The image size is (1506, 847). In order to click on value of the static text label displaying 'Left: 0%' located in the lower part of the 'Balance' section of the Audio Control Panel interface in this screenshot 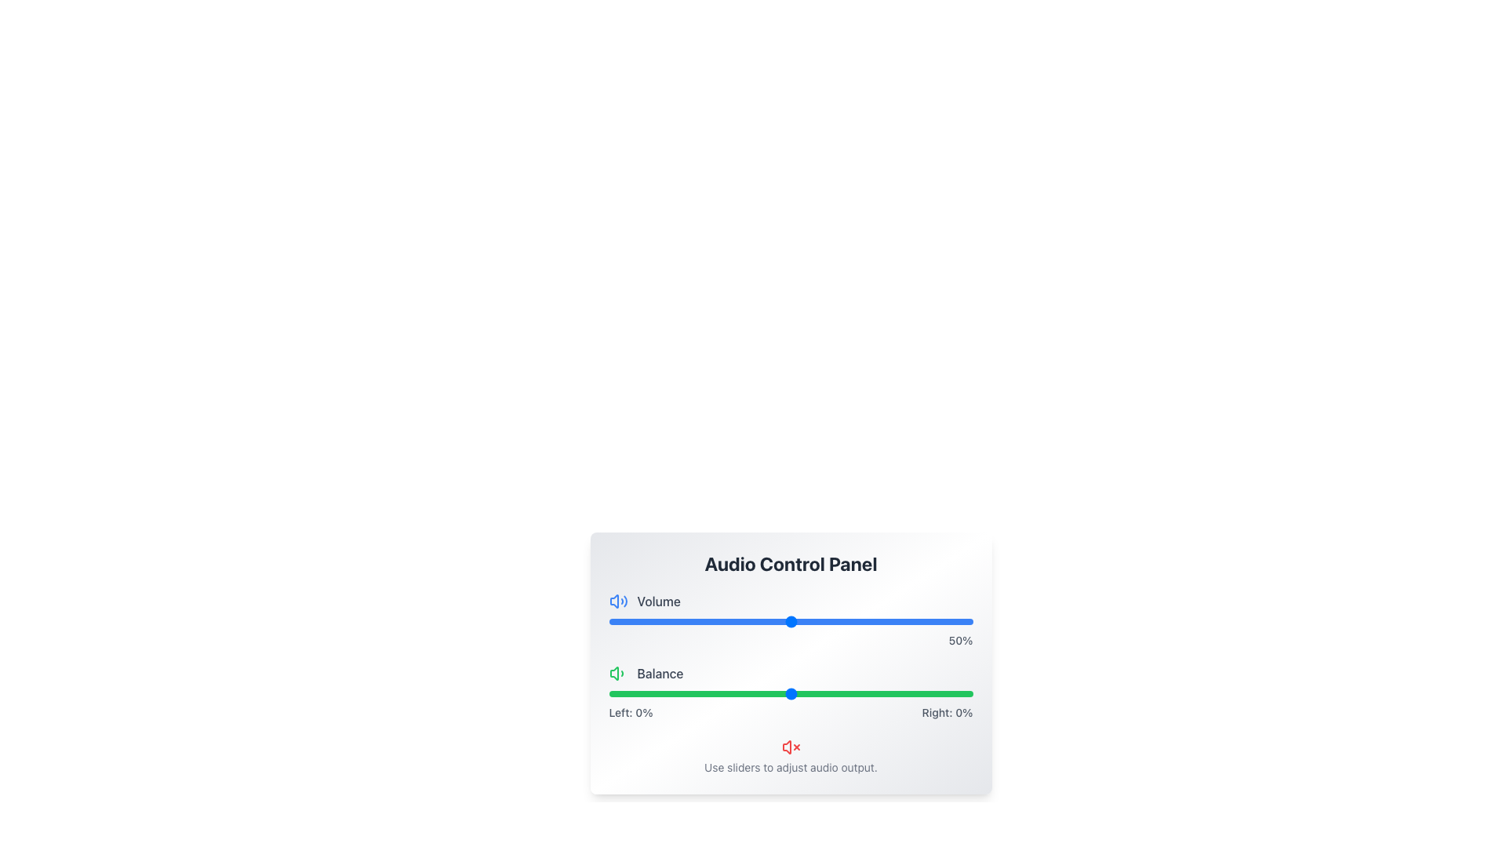, I will do `click(631, 713)`.